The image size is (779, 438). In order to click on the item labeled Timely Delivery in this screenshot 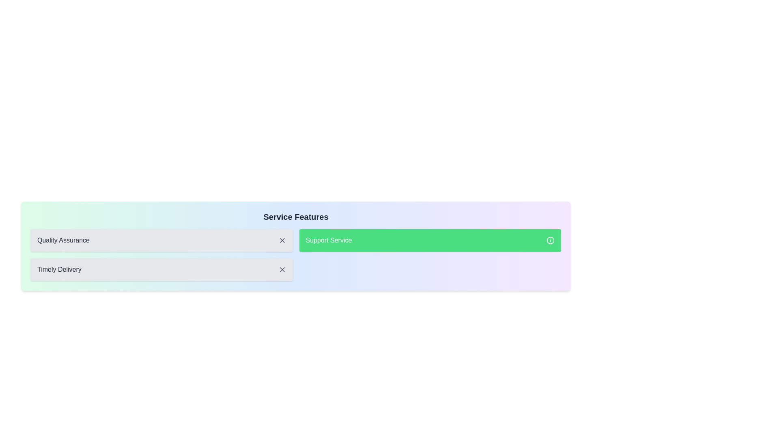, I will do `click(161, 269)`.